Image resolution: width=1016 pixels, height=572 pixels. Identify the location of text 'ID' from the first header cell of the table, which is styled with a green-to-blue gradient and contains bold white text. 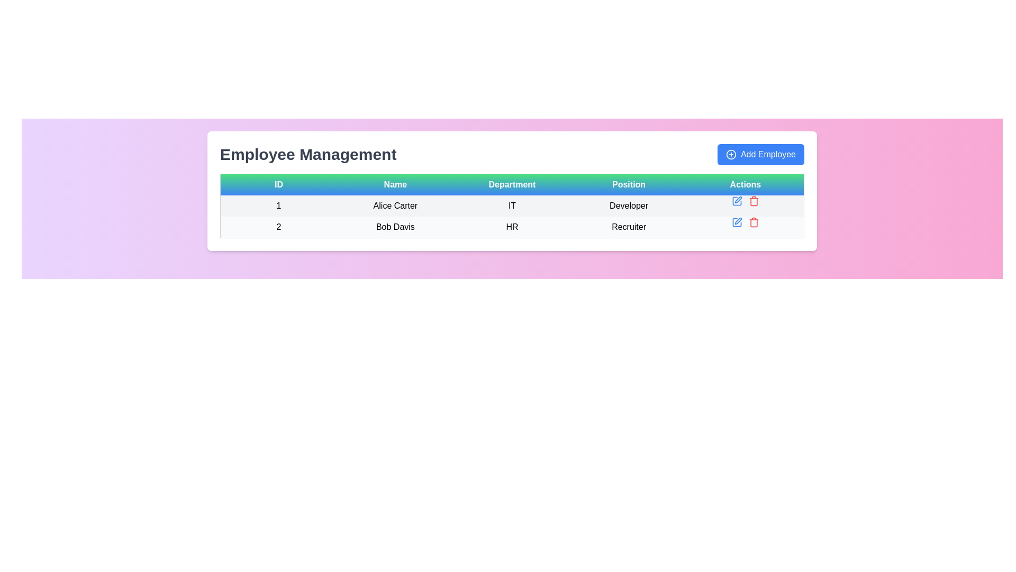
(278, 184).